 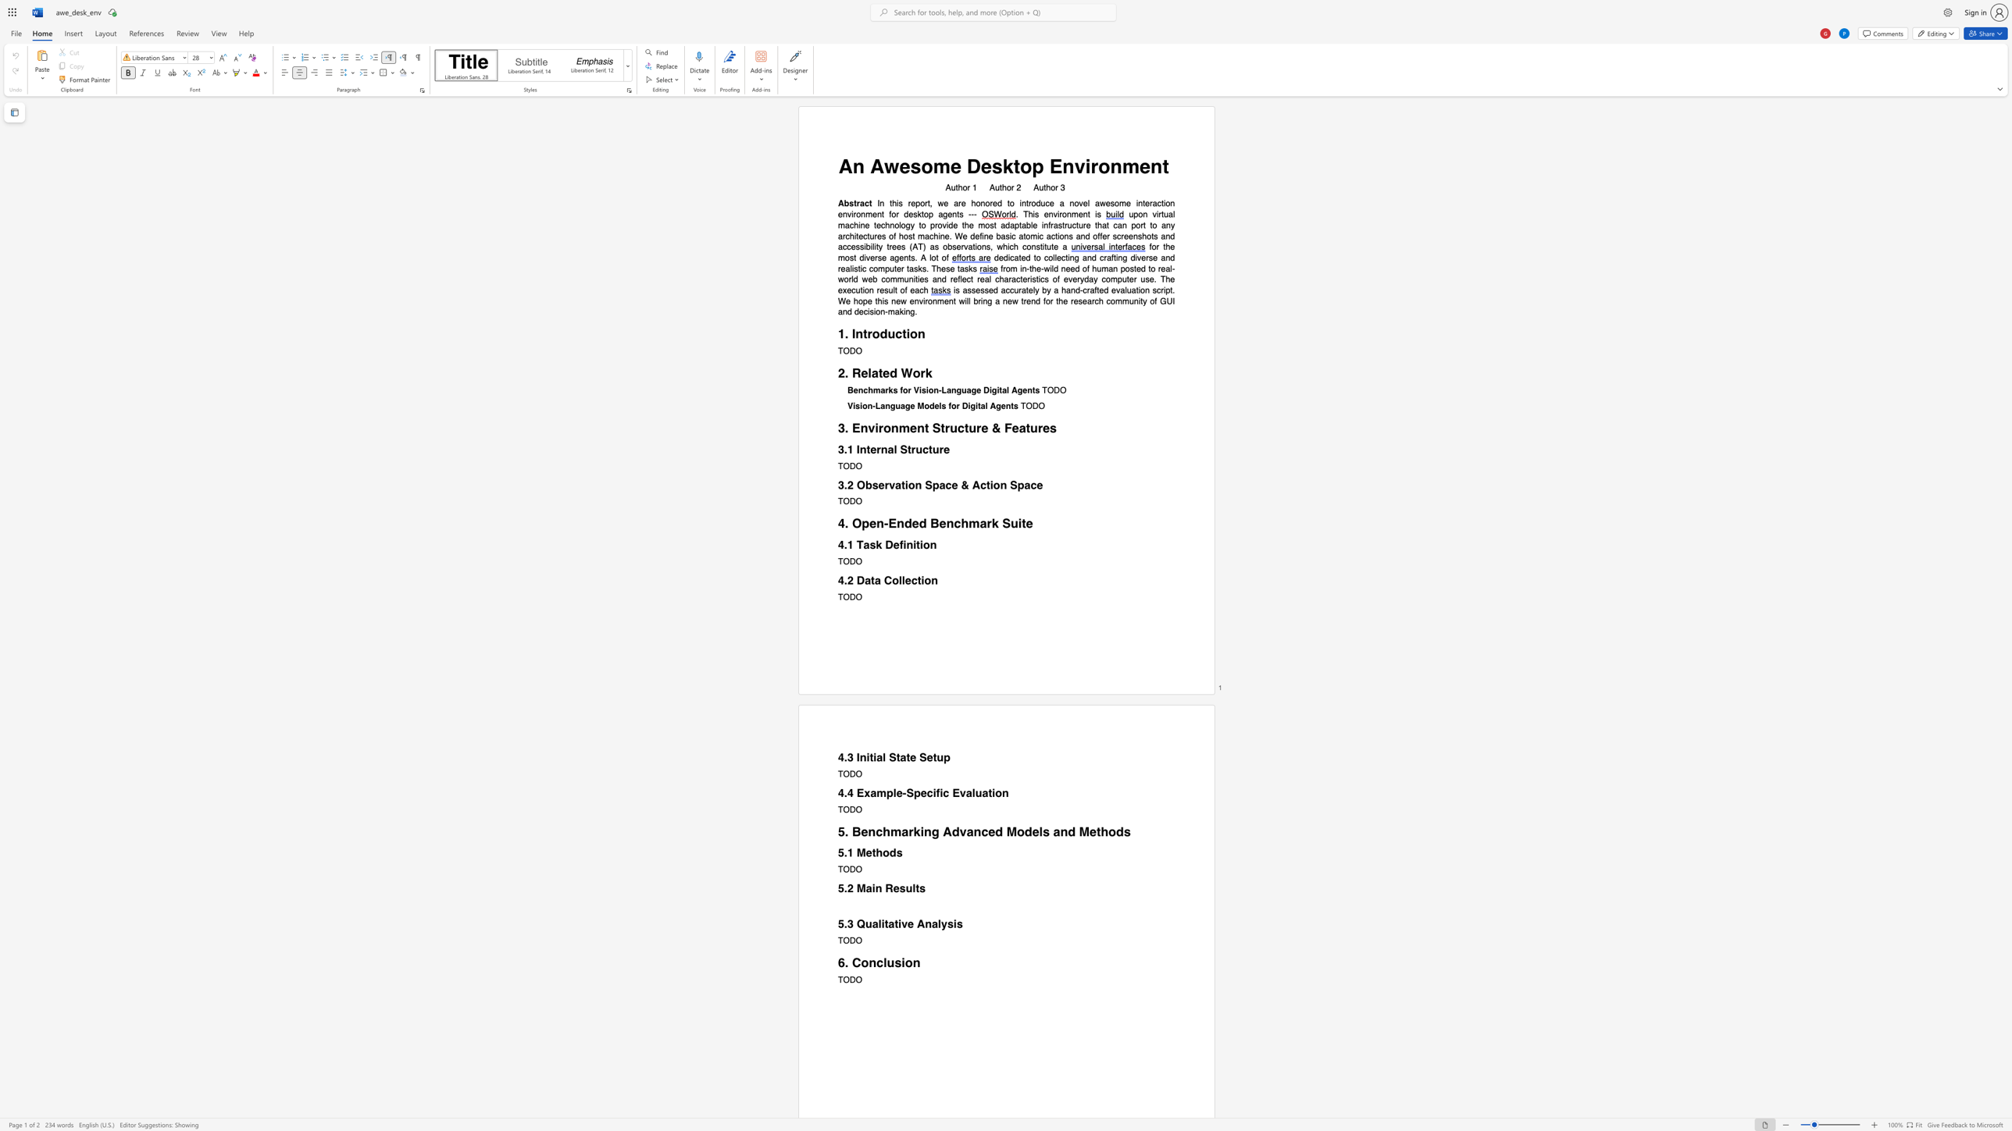 What do you see at coordinates (1043, 268) in the screenshot?
I see `the subset text "wild need of human posted to real-world web communities and reflect real characteristics of everyday computer use. T" within the text "from in-the-wild need of human posted to real-world web communities and reflect real characteristics of everyday computer use. The execution result of each"` at bounding box center [1043, 268].